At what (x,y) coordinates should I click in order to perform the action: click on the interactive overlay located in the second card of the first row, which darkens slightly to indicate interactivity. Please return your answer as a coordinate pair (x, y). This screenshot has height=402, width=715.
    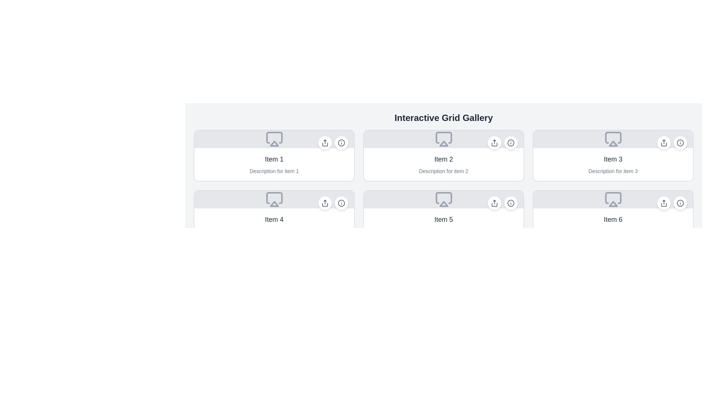
    Looking at the image, I should click on (444, 155).